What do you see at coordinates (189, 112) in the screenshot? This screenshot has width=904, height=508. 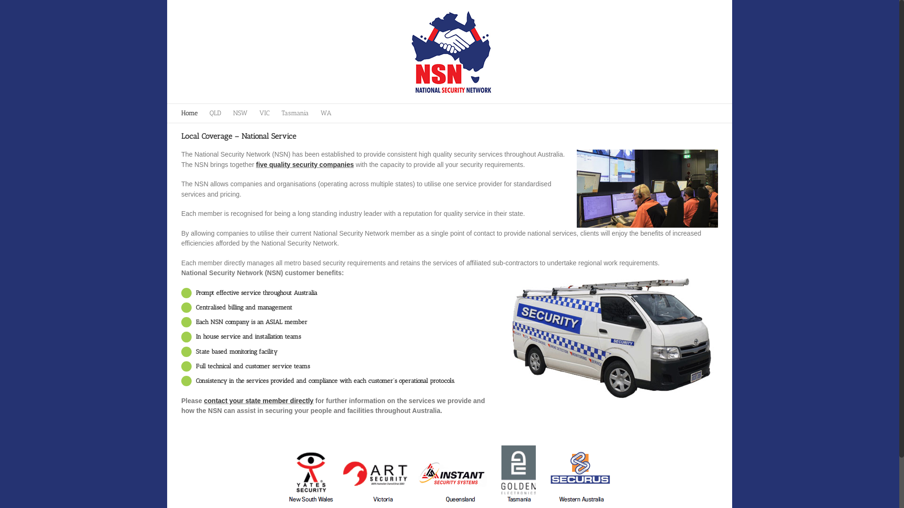 I see `'Home'` at bounding box center [189, 112].